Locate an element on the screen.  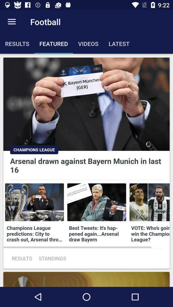
the icon to the left of football is located at coordinates (12, 22).